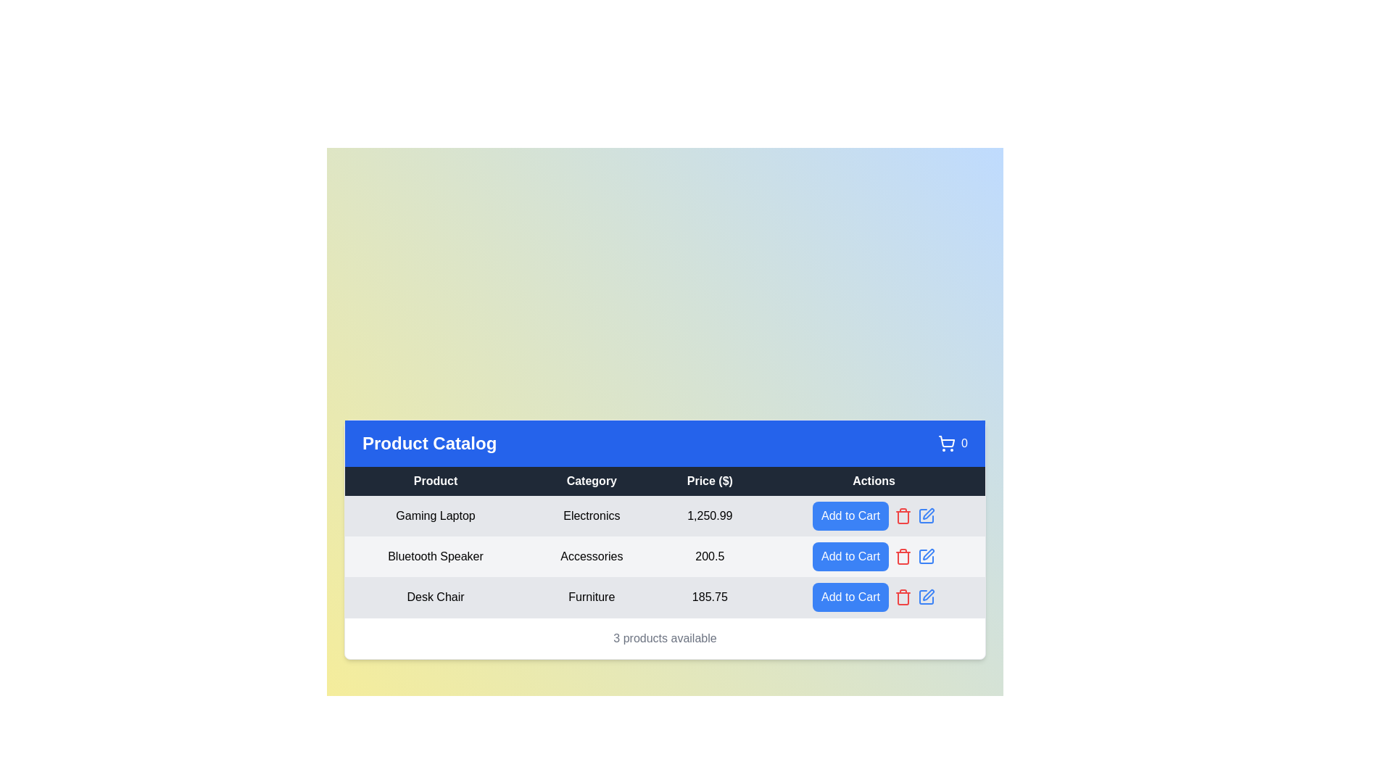 Image resolution: width=1392 pixels, height=783 pixels. What do you see at coordinates (947, 442) in the screenshot?
I see `the shopping cart icon located in the top-right corner of the blue header bar` at bounding box center [947, 442].